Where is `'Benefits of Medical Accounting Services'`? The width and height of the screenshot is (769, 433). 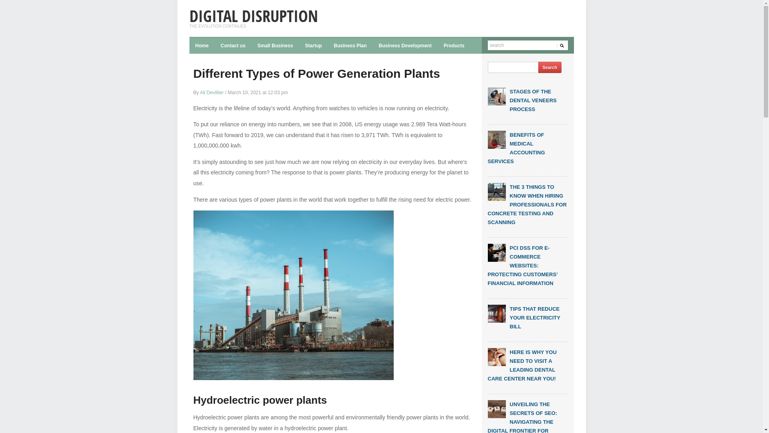 'Benefits of Medical Accounting Services' is located at coordinates (496, 139).